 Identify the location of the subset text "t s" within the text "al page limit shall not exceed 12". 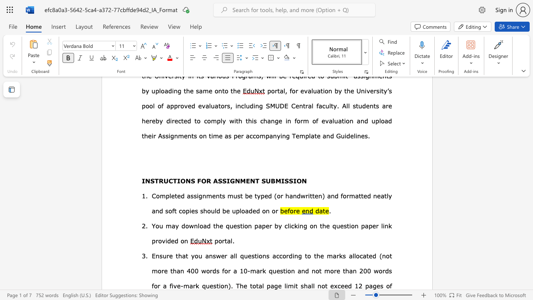
(295, 285).